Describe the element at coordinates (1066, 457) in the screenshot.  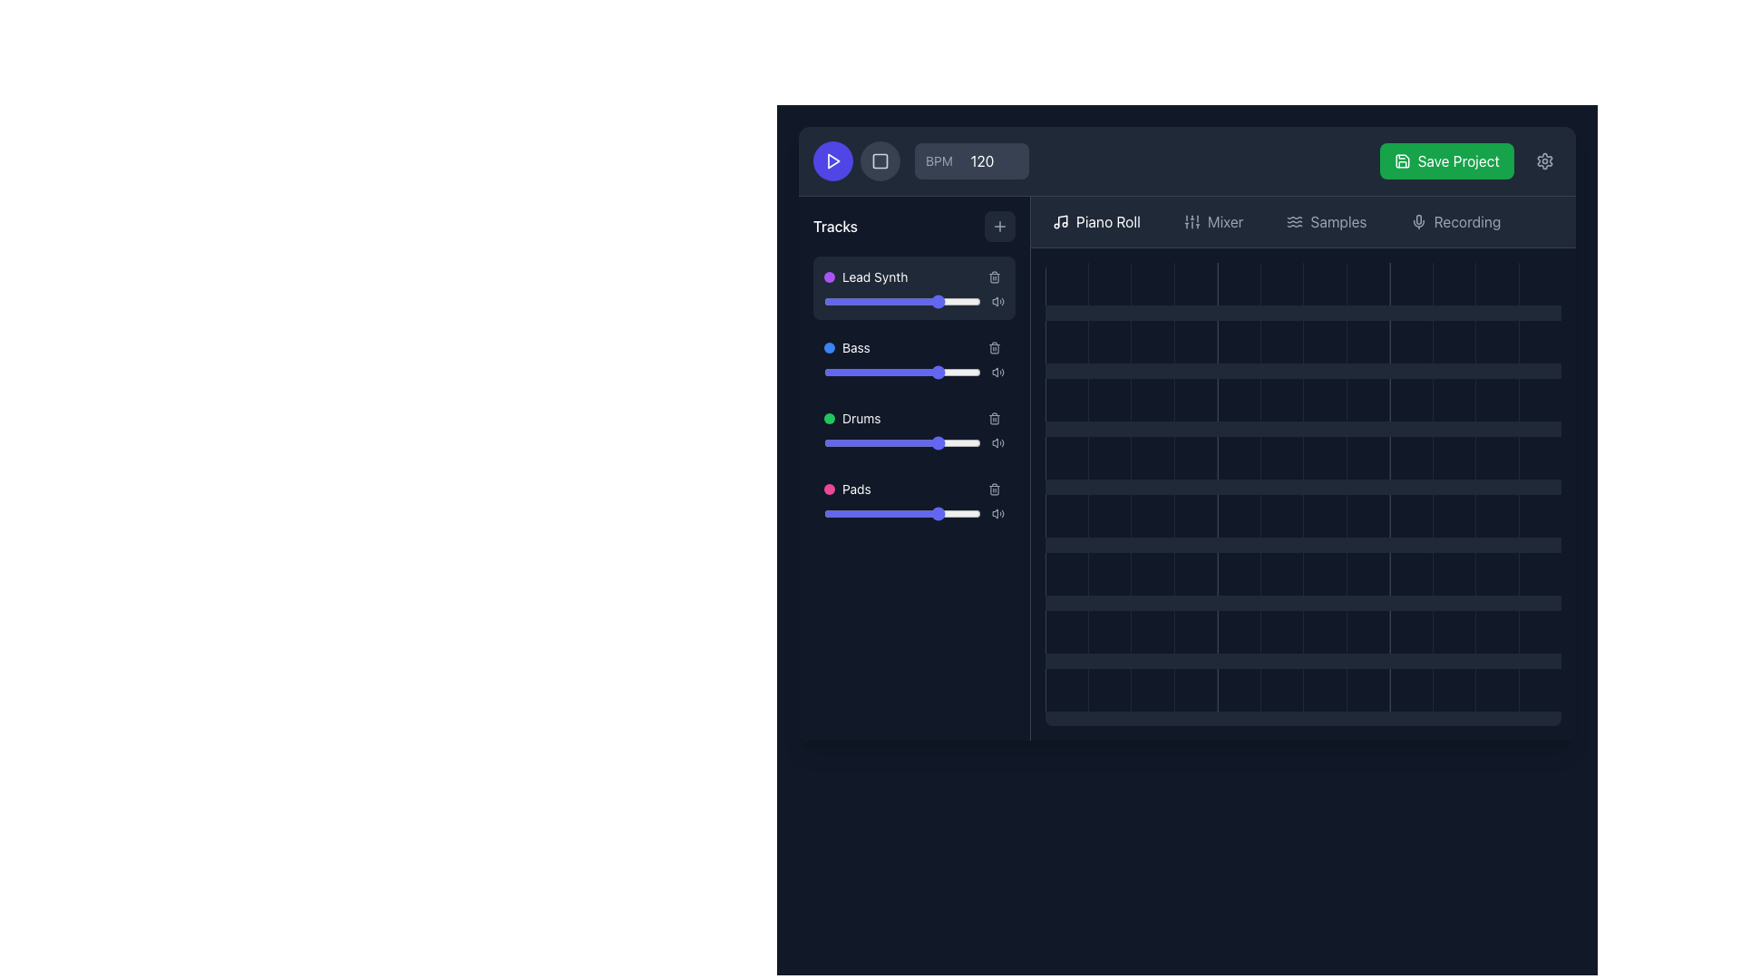
I see `the grid cell located in the fourth row and first column of the grid structure on the central right side of the interface to trigger hover effects` at that location.